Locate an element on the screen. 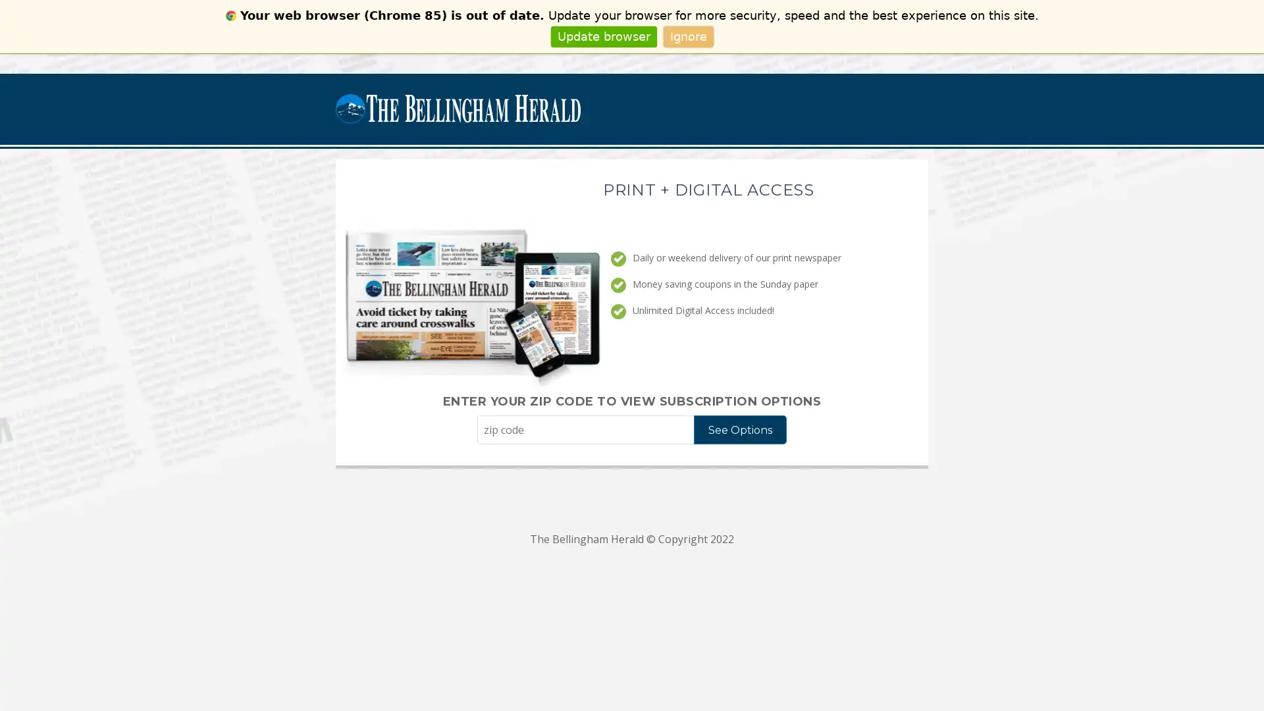  See Options is located at coordinates (740, 429).